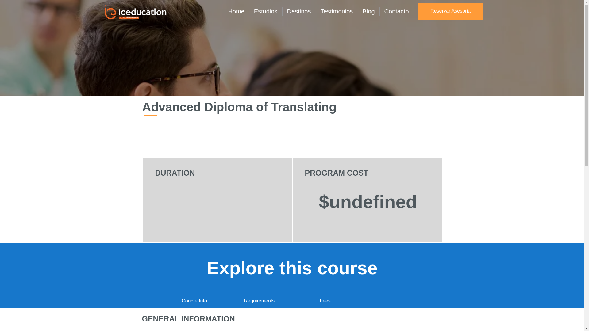 This screenshot has width=589, height=331. I want to click on 'Home', so click(236, 11).